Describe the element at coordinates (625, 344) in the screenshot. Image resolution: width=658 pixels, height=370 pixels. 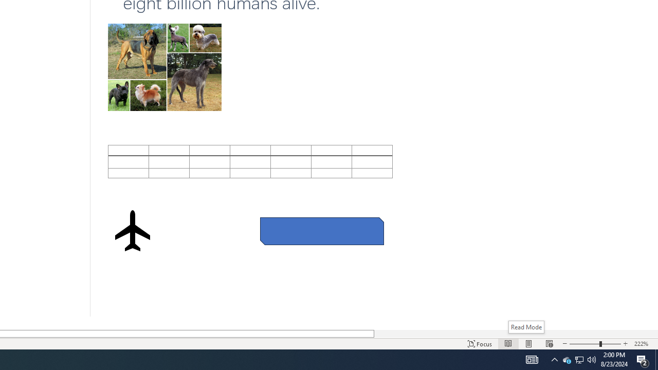
I see `'Increase Text Size'` at that location.